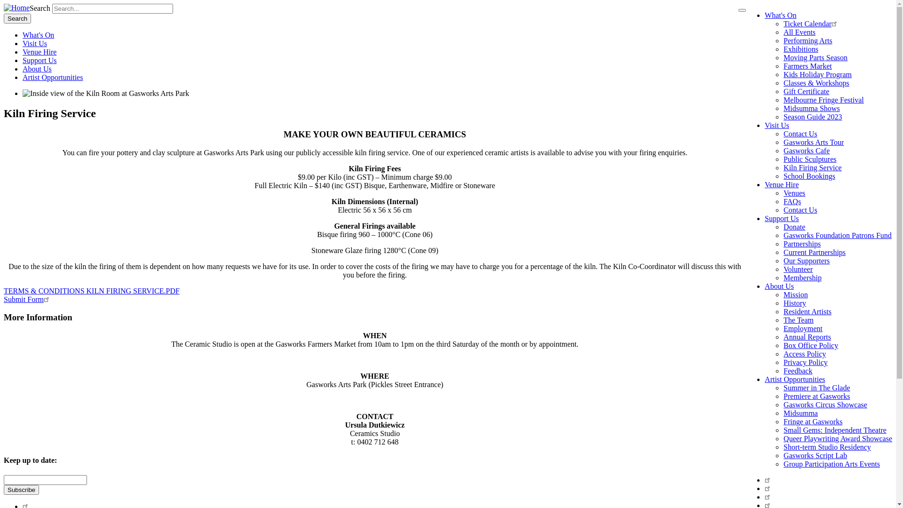 This screenshot has width=903, height=508. I want to click on 'Artist Opportunities', so click(52, 77).